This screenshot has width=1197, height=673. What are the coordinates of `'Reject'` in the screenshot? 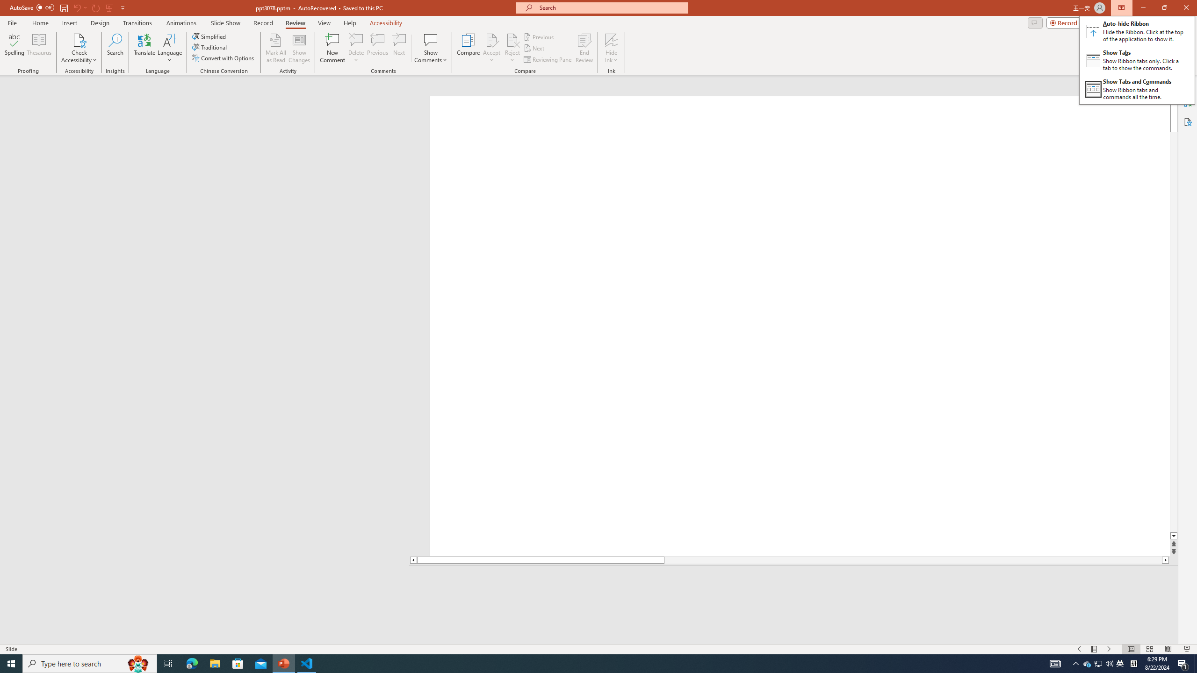 It's located at (512, 48).